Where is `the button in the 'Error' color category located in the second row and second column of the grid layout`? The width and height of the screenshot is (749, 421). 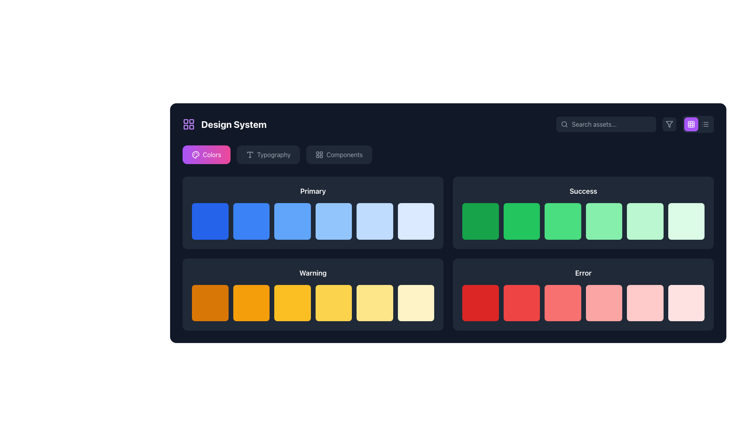 the button in the 'Error' color category located in the second row and second column of the grid layout is located at coordinates (522, 302).